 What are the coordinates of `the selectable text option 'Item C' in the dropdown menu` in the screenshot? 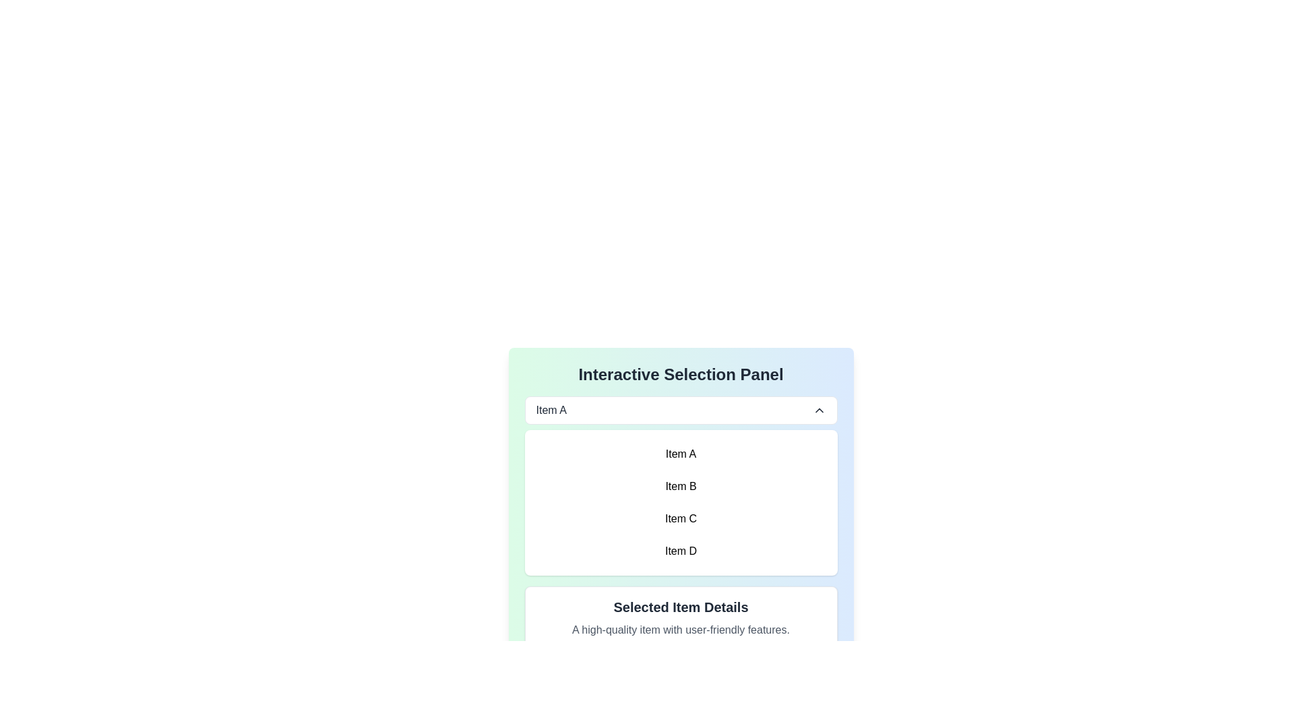 It's located at (681, 524).